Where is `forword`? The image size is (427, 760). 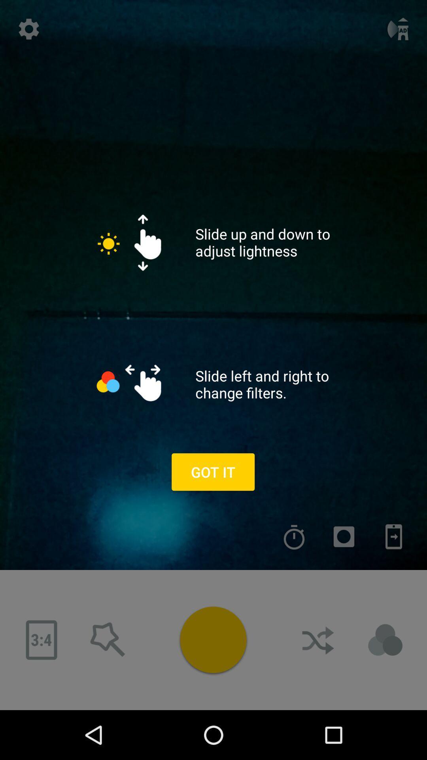 forword is located at coordinates (393, 537).